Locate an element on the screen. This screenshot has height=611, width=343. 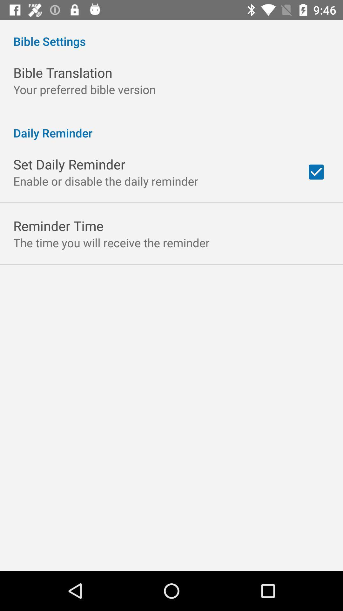
enable or disable icon is located at coordinates (105, 181).